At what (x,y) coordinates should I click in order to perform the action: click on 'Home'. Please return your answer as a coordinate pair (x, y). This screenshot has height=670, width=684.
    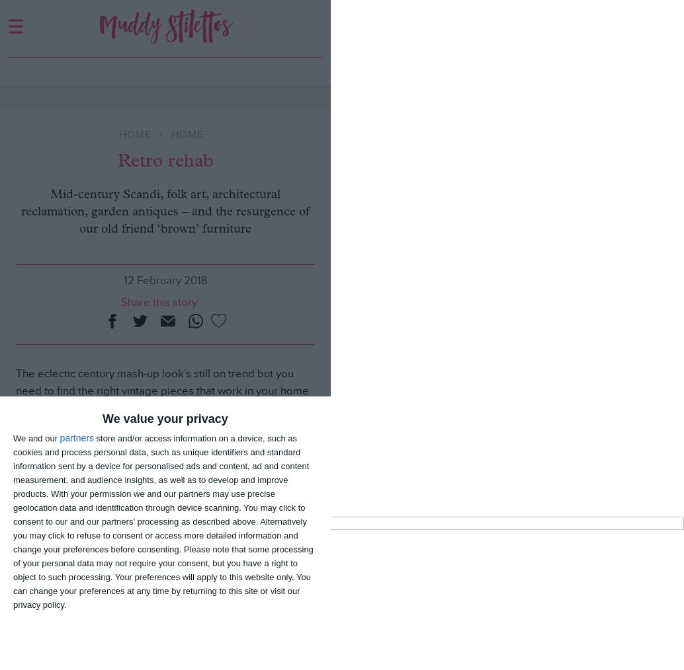
    Looking at the image, I should click on (135, 134).